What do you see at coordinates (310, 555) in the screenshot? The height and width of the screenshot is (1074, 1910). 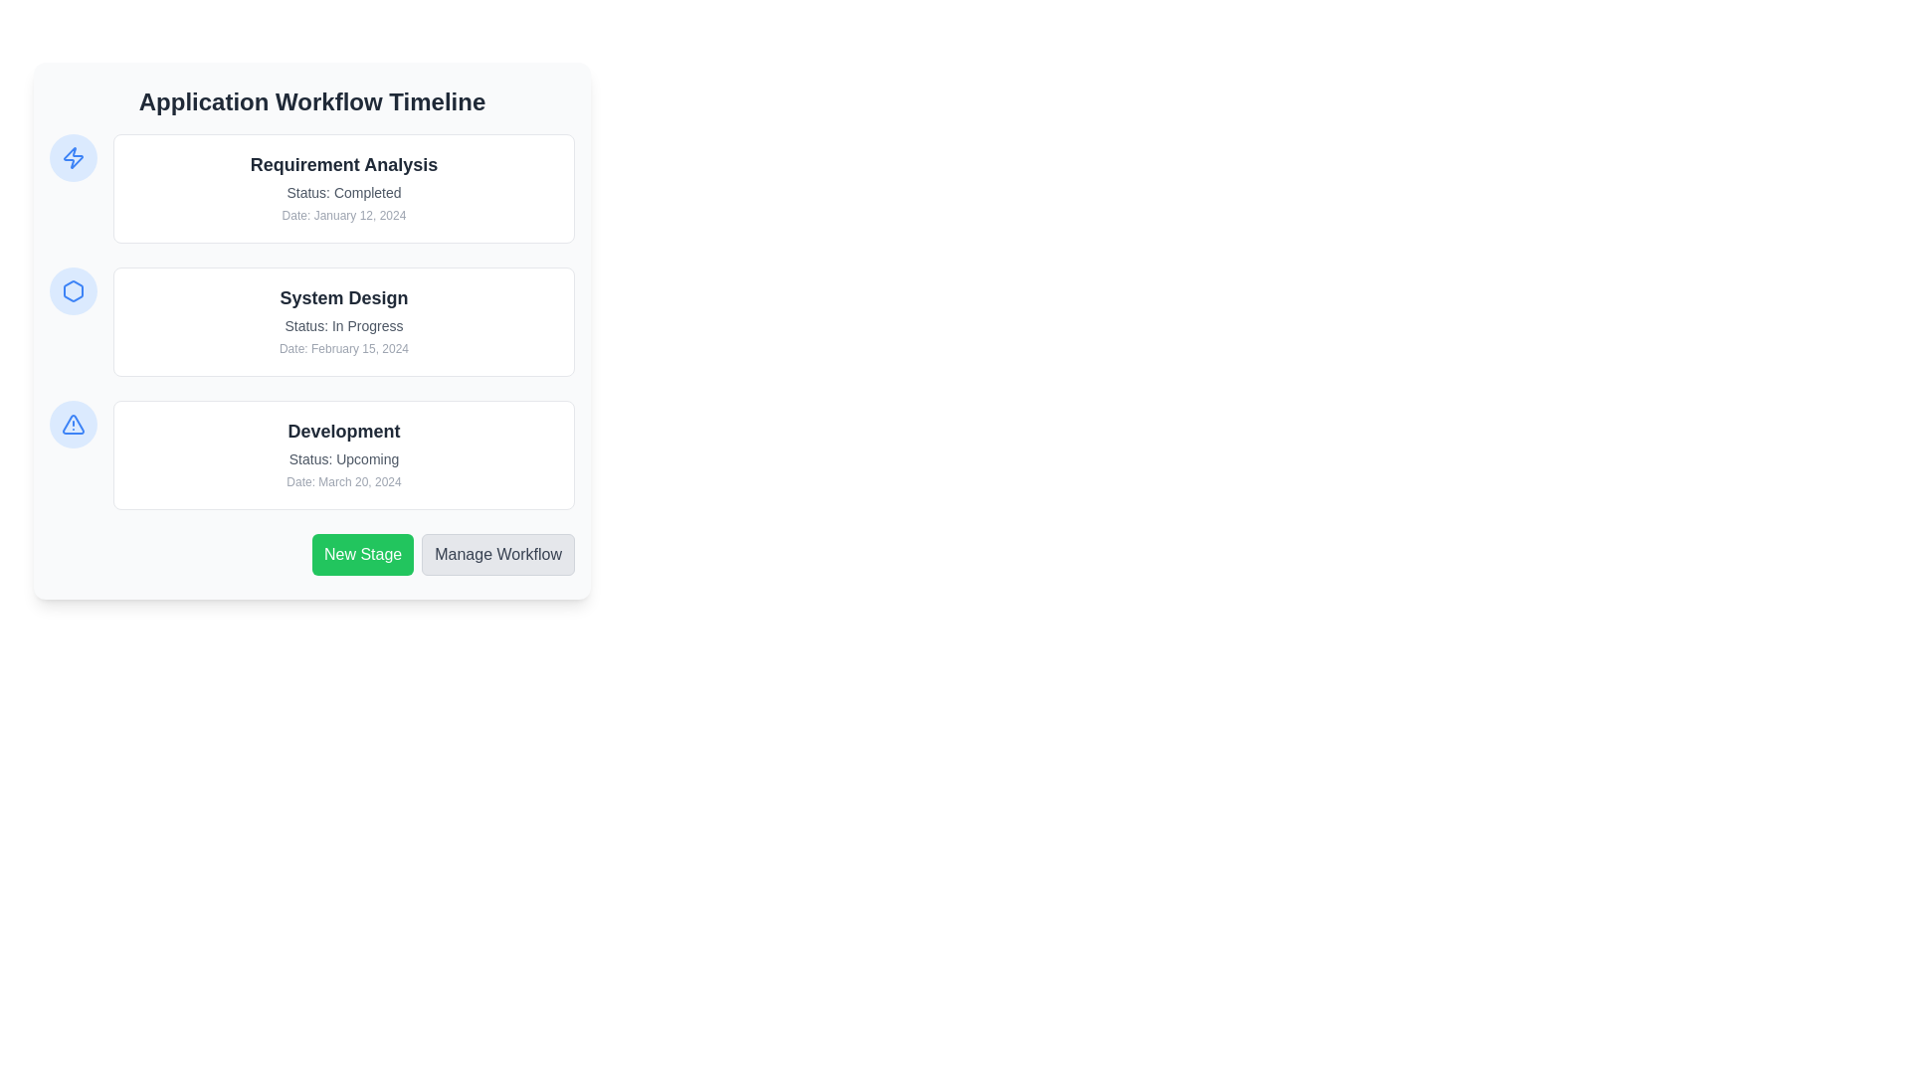 I see `the button with a green background and white text labeled 'New Stage', positioned to the left of the 'Manage Workflow' button at the bottom of the workflow timeline` at bounding box center [310, 555].